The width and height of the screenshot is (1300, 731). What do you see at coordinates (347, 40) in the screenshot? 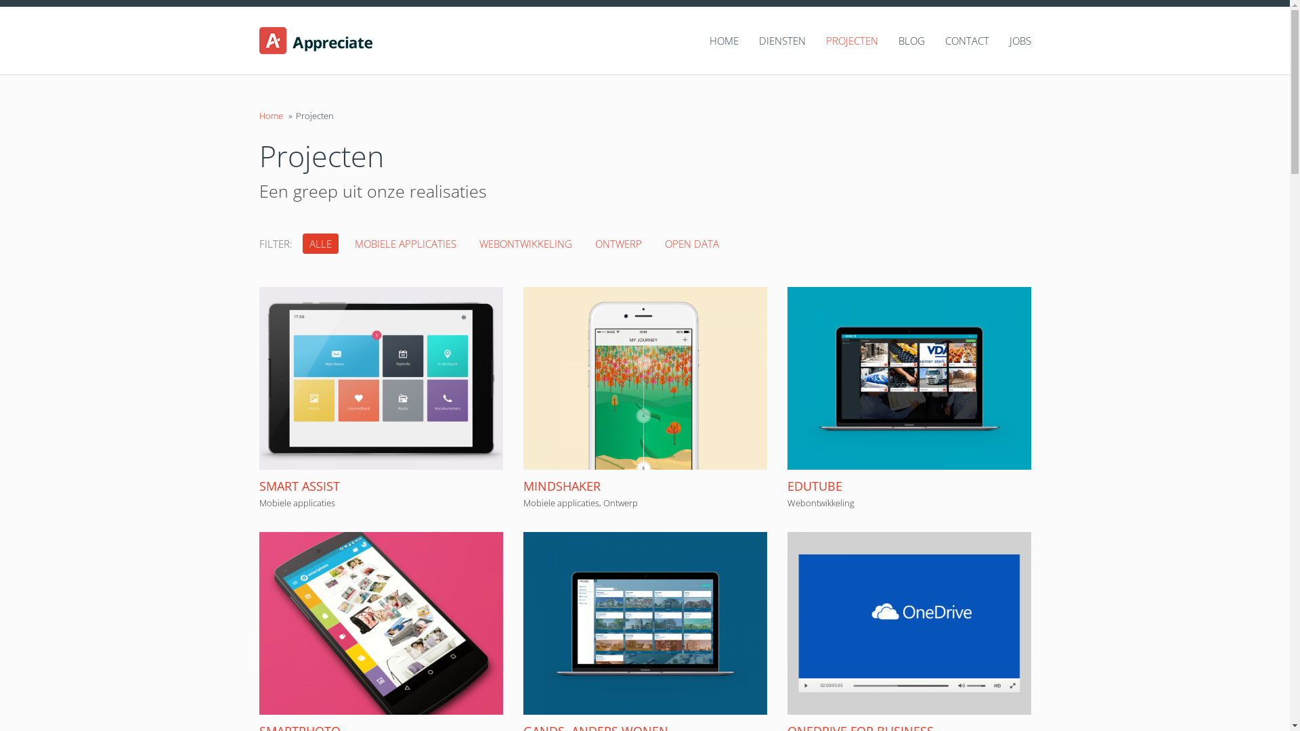
I see `'Appreciate'` at bounding box center [347, 40].